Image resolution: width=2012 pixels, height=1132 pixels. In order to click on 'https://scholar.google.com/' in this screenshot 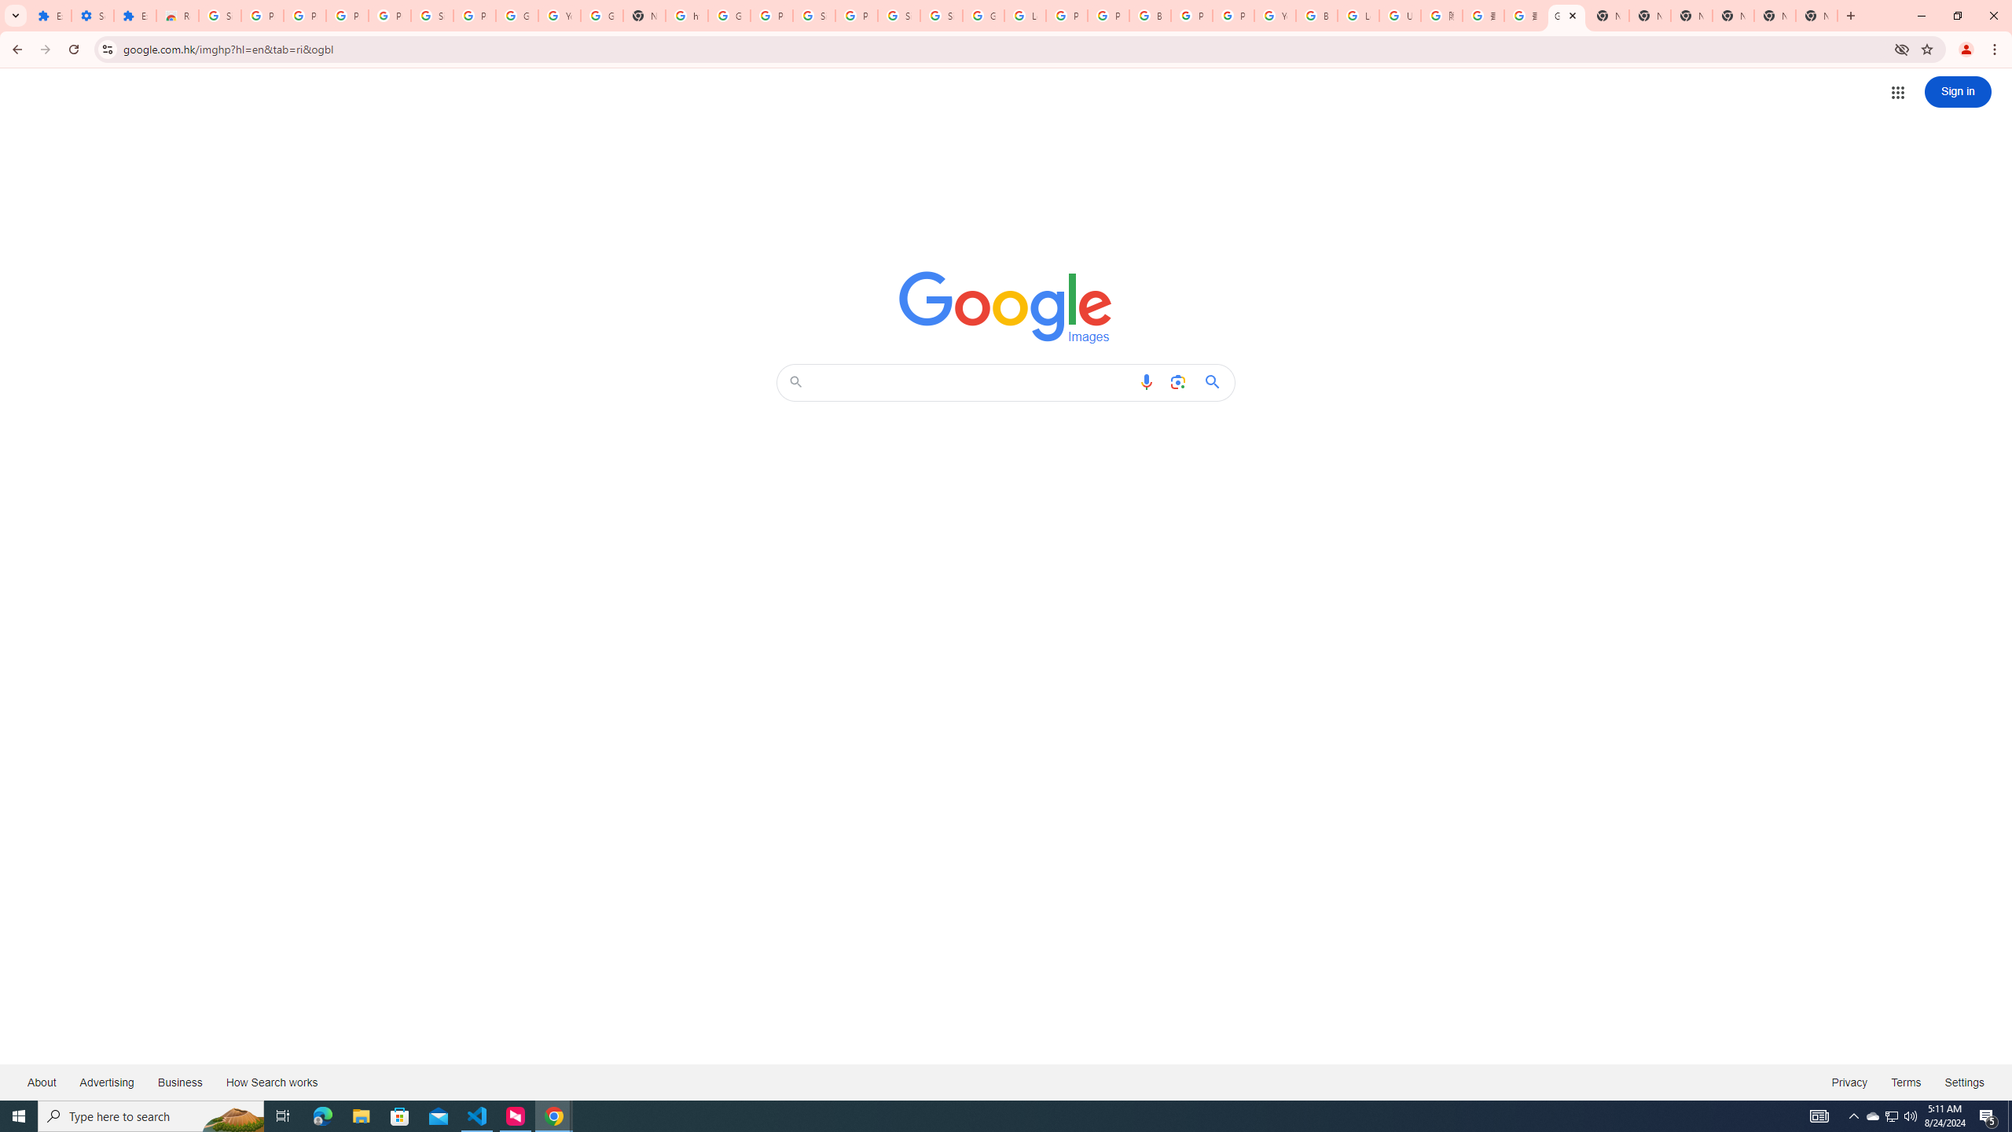, I will do `click(685, 15)`.